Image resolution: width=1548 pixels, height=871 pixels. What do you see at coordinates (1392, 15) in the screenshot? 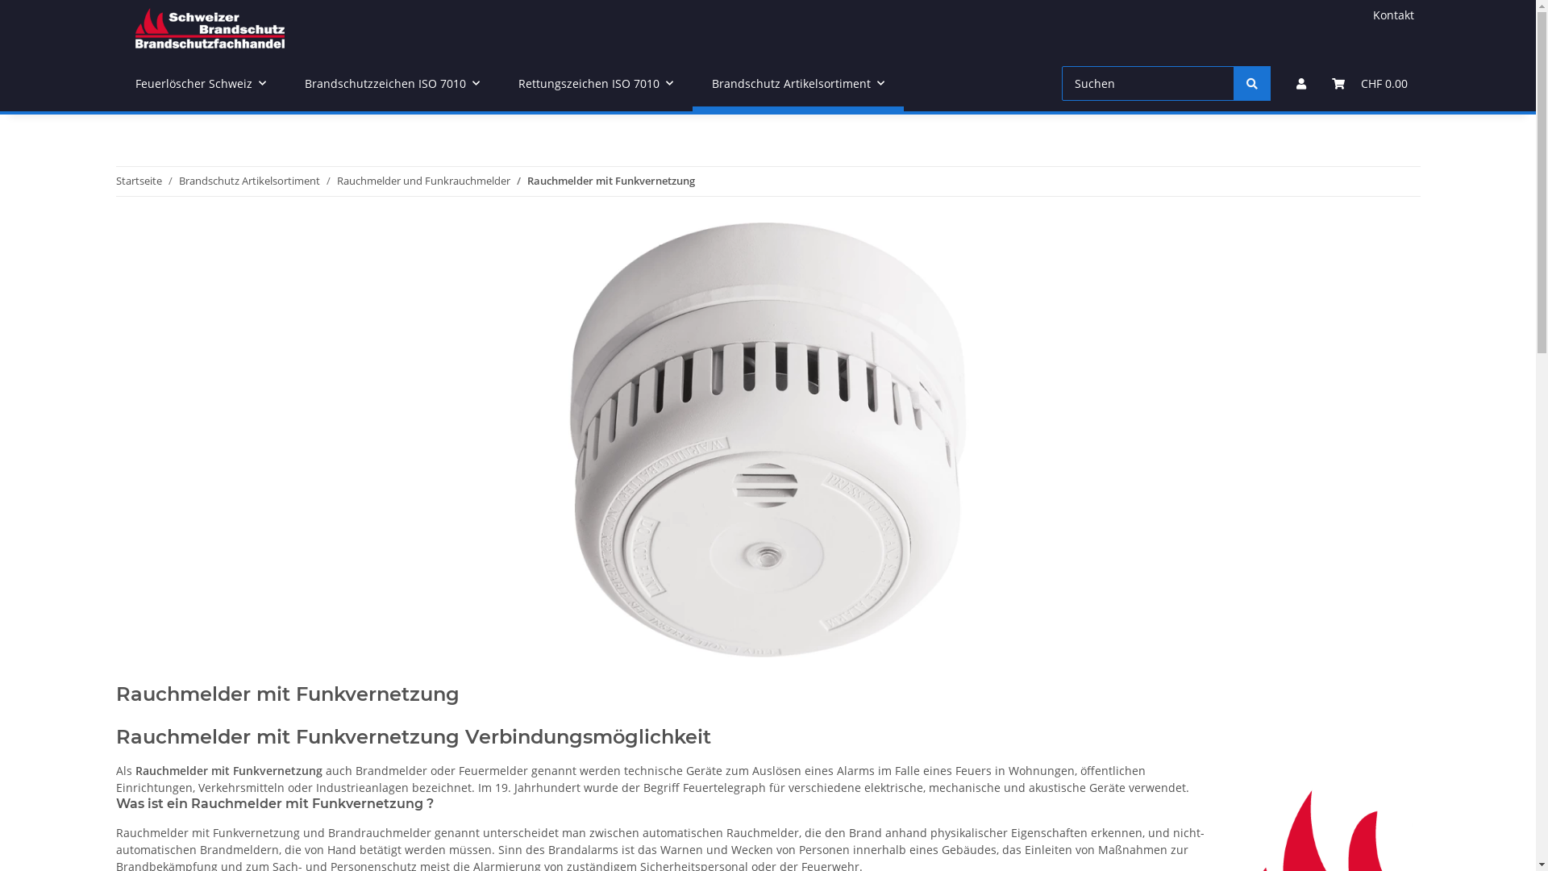
I see `'Kontakt'` at bounding box center [1392, 15].